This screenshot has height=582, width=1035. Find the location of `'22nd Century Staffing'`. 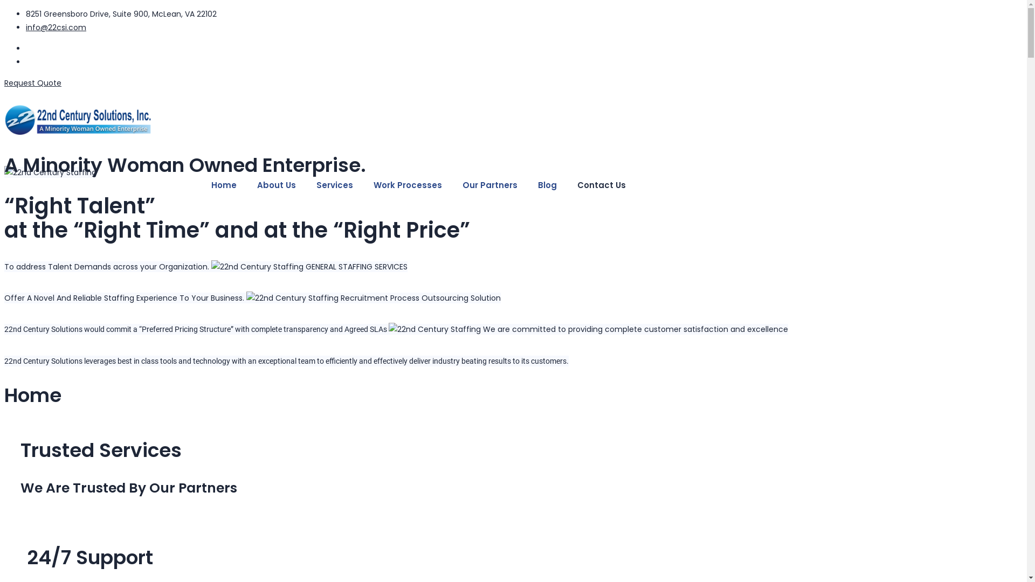

'22nd Century Staffing' is located at coordinates (292, 298).